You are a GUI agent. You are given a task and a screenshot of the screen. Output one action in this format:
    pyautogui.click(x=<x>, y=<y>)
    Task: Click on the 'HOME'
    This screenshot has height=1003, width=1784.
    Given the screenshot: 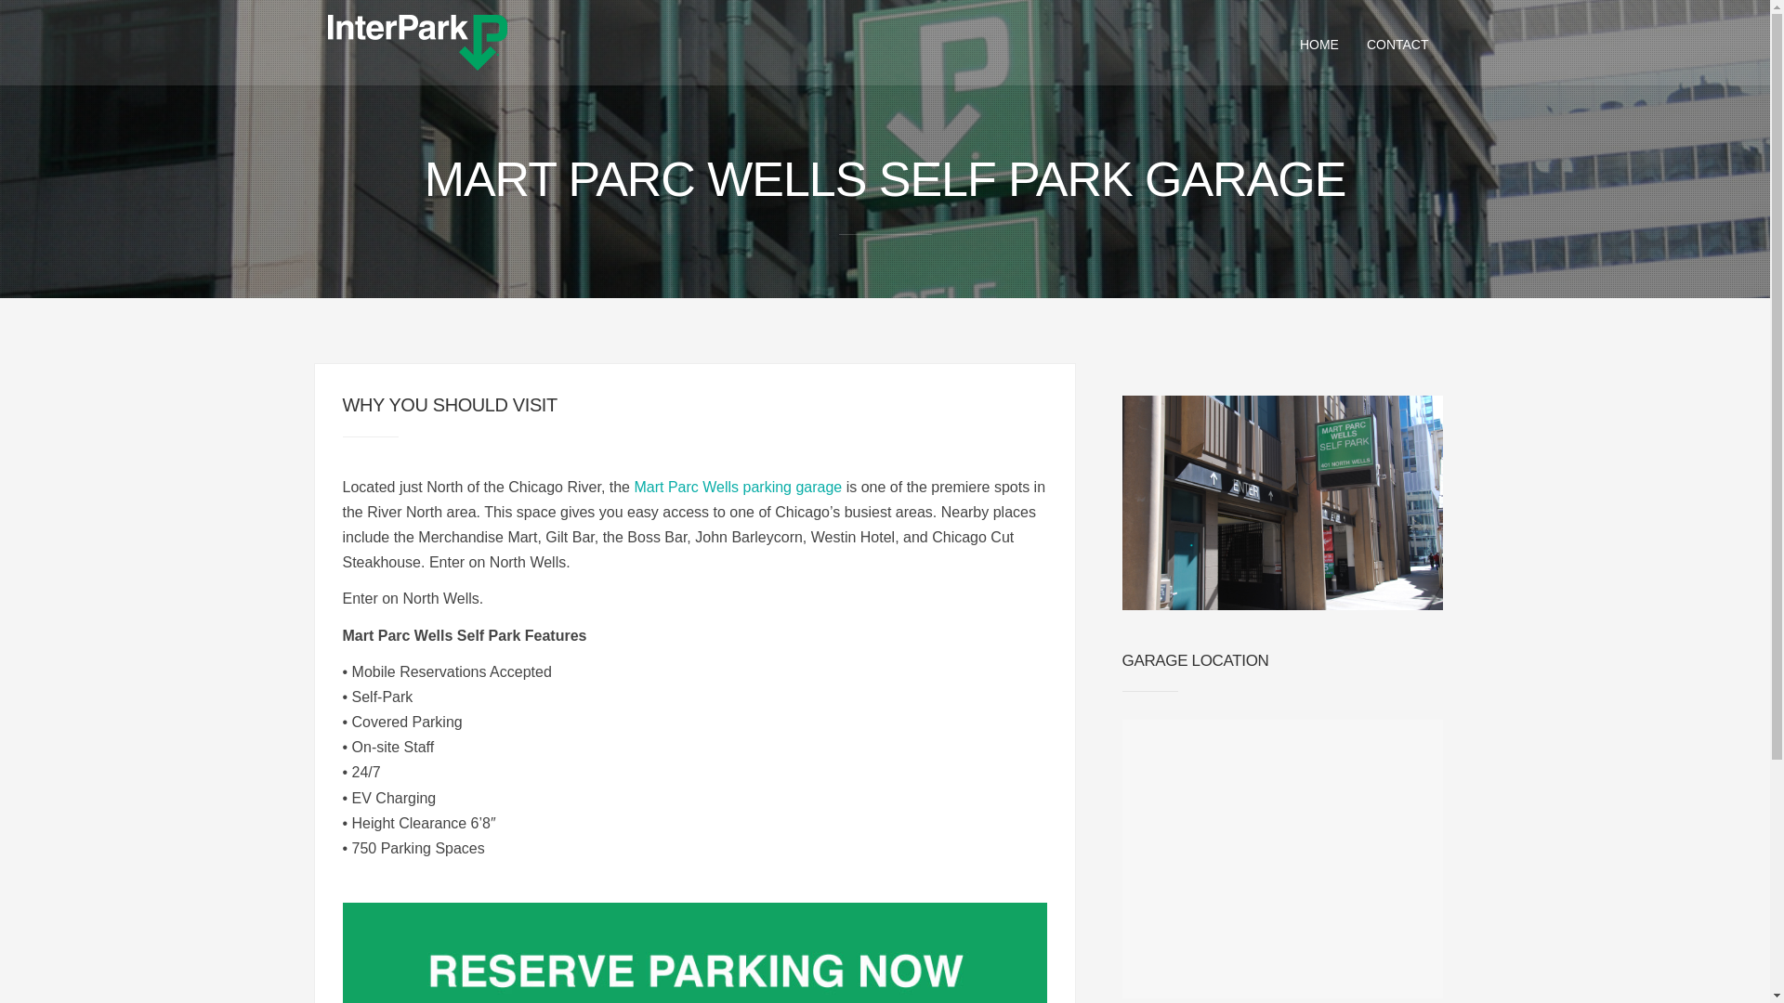 What is the action you would take?
    pyautogui.click(x=1318, y=42)
    